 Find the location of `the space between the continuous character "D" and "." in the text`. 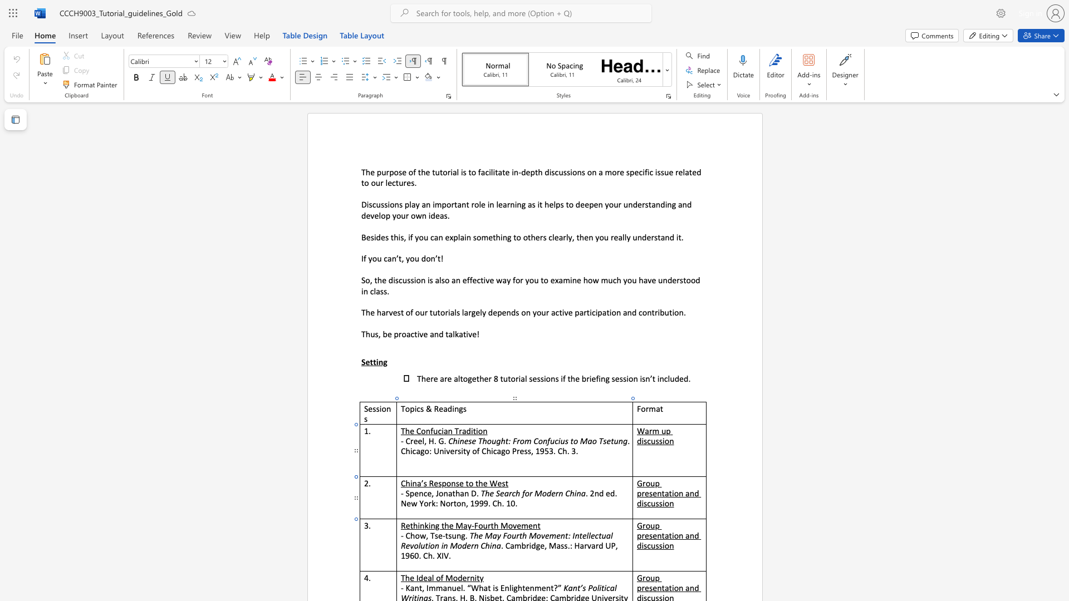

the space between the continuous character "D" and "." in the text is located at coordinates (475, 492).